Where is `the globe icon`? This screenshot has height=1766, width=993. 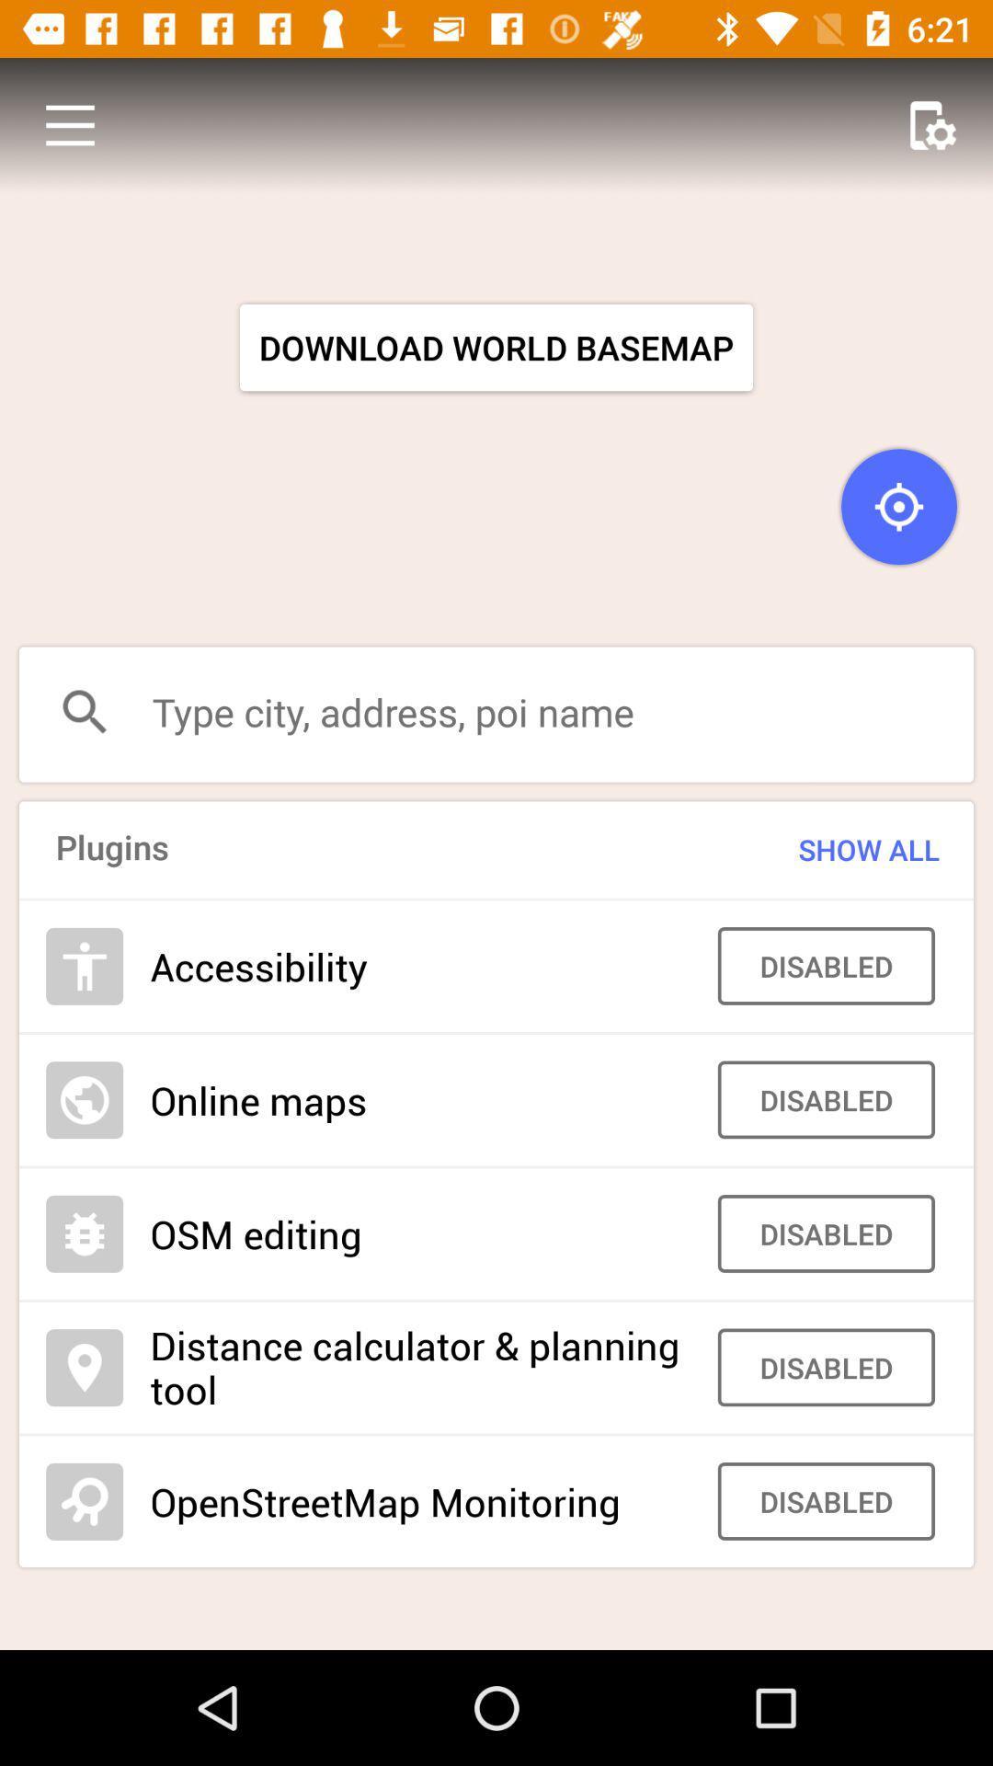
the globe icon is located at coordinates (85, 1100).